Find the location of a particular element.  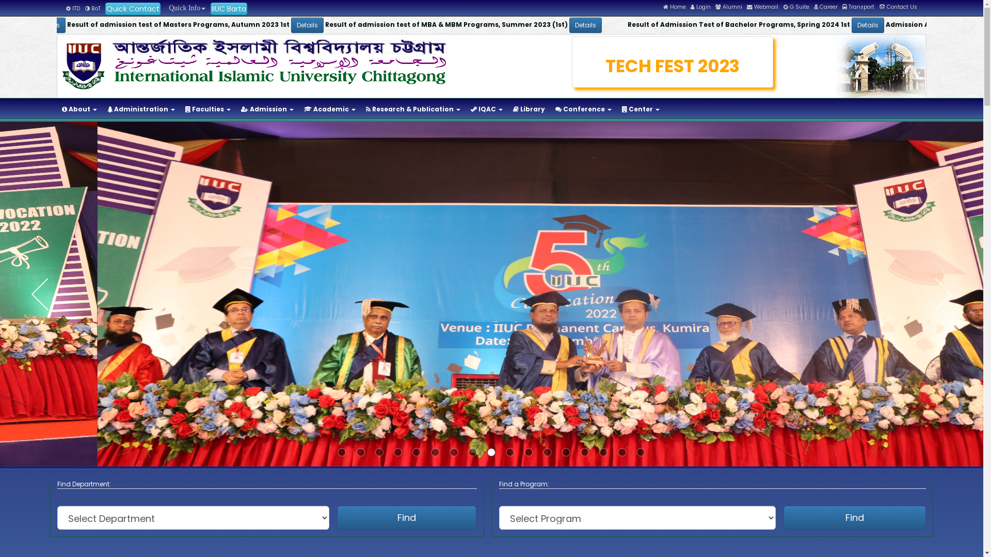

'Conference' is located at coordinates (583, 109).